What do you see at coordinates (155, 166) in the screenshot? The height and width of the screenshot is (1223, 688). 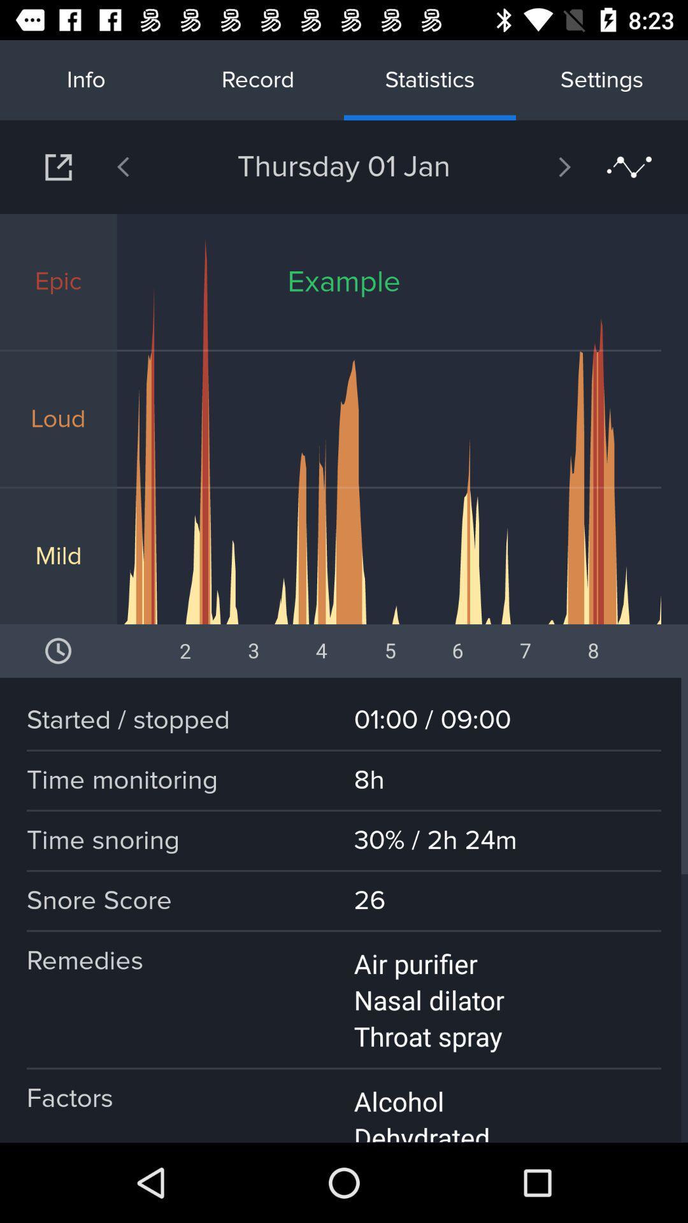 I see `the icon above the epic app` at bounding box center [155, 166].